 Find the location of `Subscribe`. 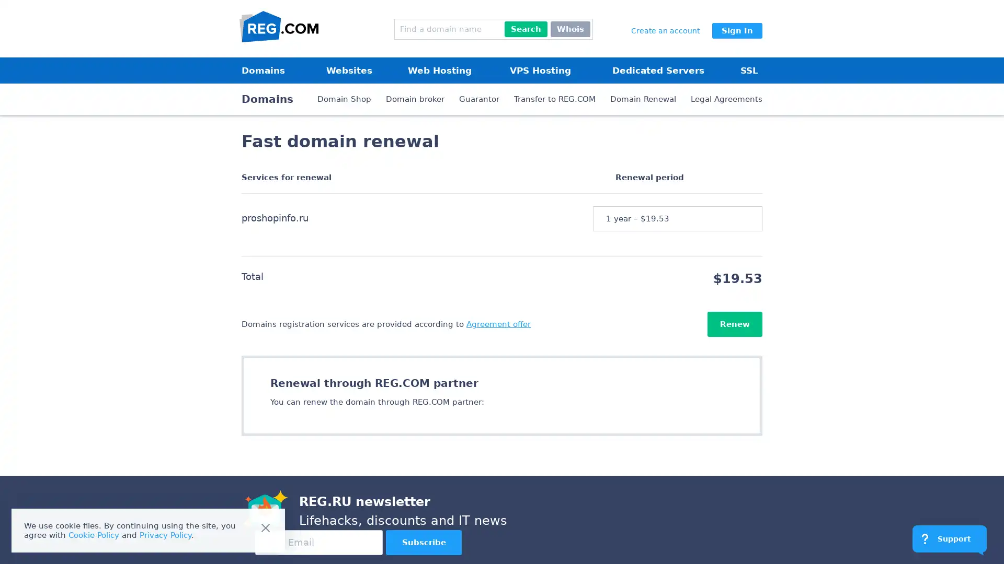

Subscribe is located at coordinates (424, 542).